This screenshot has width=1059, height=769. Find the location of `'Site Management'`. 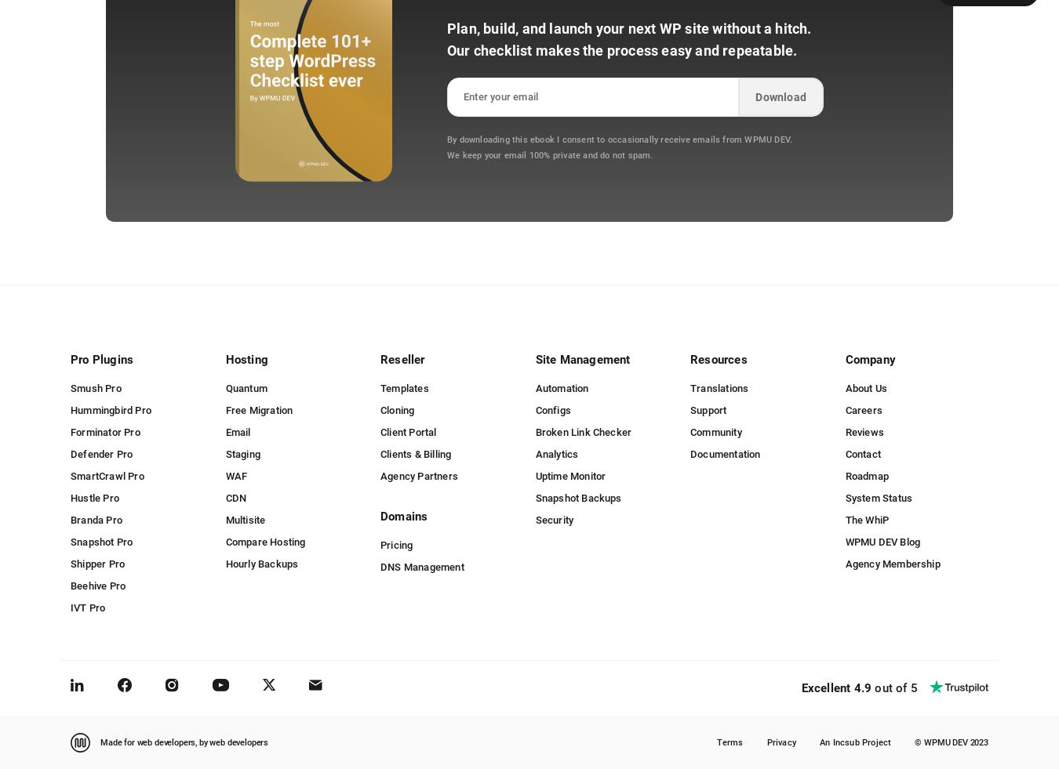

'Site Management' is located at coordinates (581, 359).